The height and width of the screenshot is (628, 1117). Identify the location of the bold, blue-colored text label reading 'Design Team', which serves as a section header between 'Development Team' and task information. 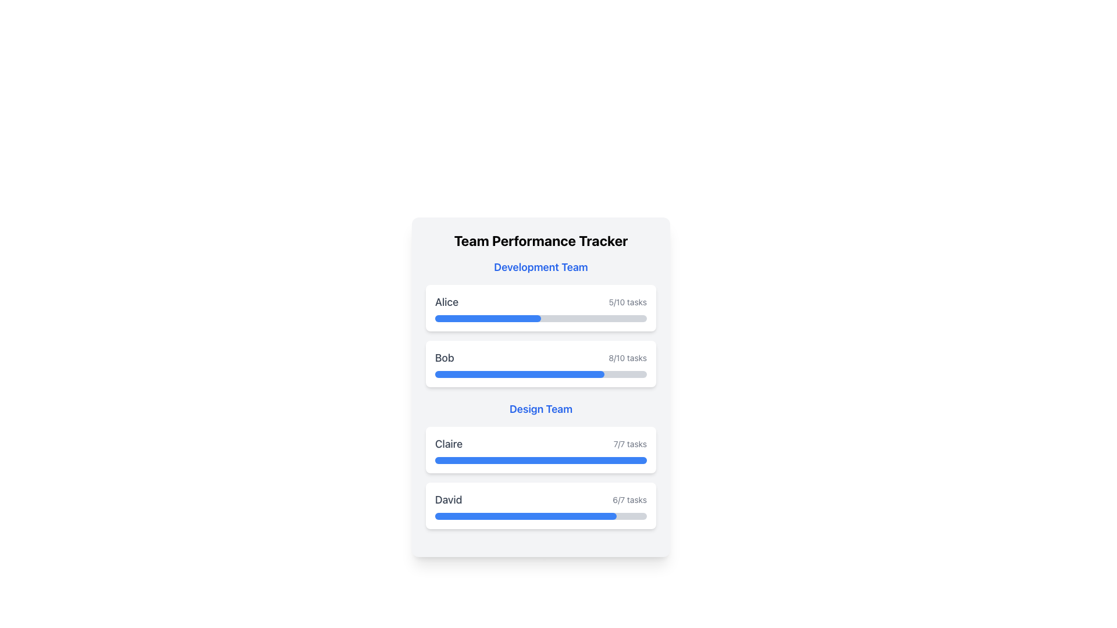
(540, 409).